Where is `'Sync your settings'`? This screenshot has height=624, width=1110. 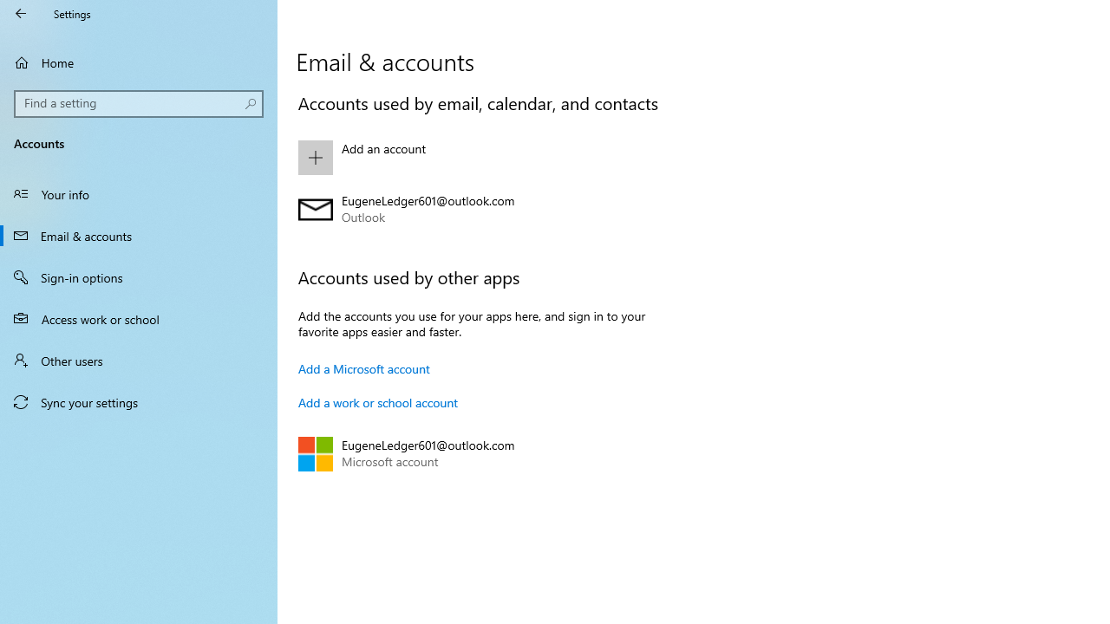
'Sync your settings' is located at coordinates (139, 402).